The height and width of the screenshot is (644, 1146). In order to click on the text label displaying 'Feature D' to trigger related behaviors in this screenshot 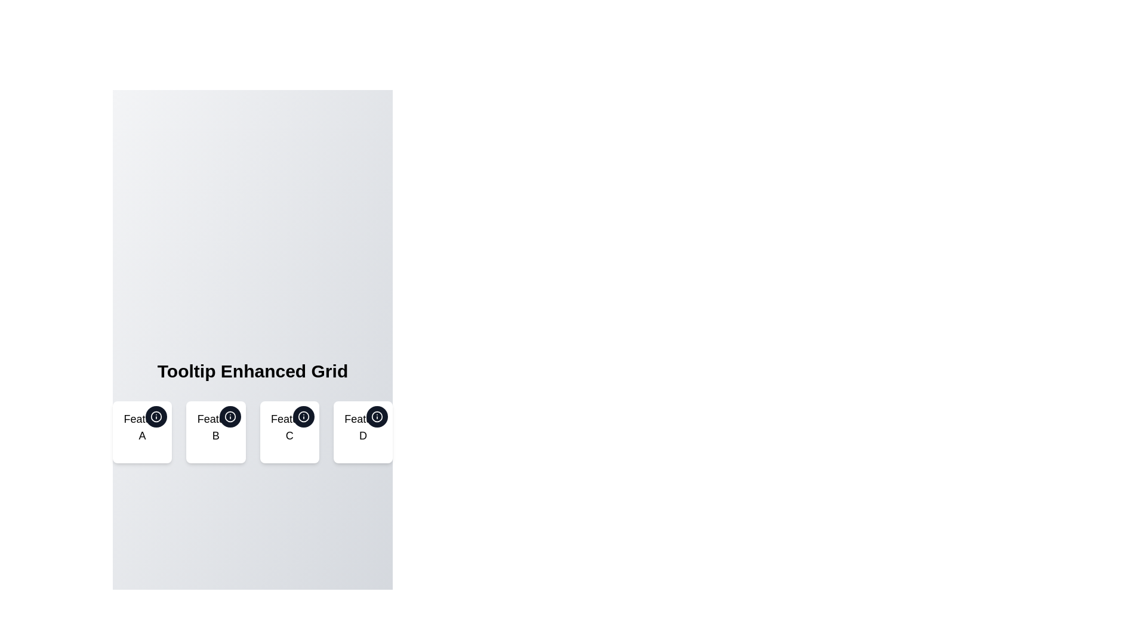, I will do `click(362, 427)`.